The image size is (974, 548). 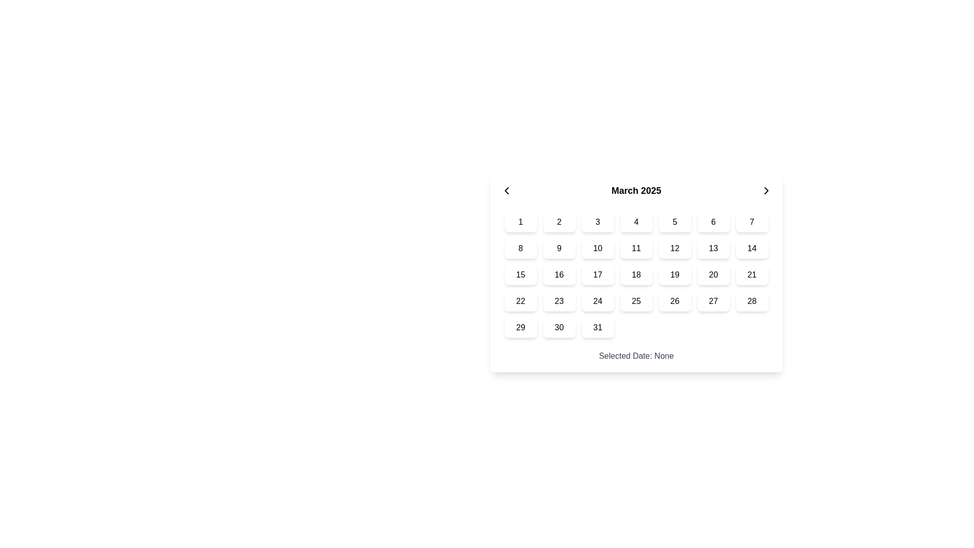 I want to click on the navigation button positioned to the far-right of the calendar heading, next to the 'March 2025' text block, so click(x=766, y=190).